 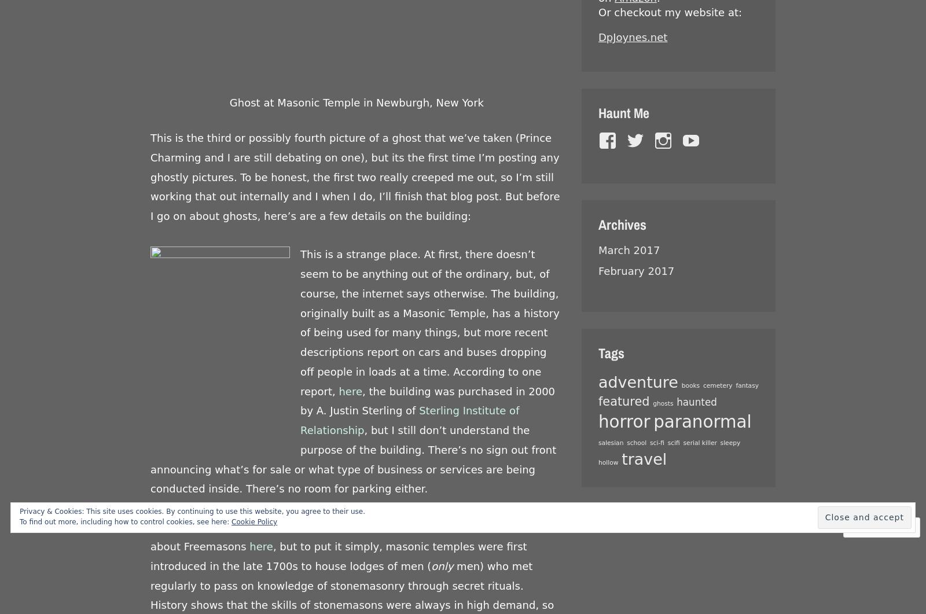 What do you see at coordinates (670, 12) in the screenshot?
I see `'Or checkout my website at:'` at bounding box center [670, 12].